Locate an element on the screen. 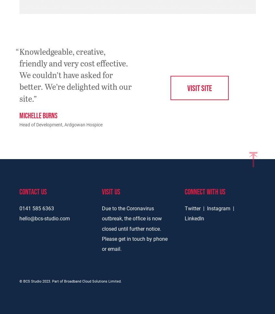  'Contact Us' is located at coordinates (32, 191).